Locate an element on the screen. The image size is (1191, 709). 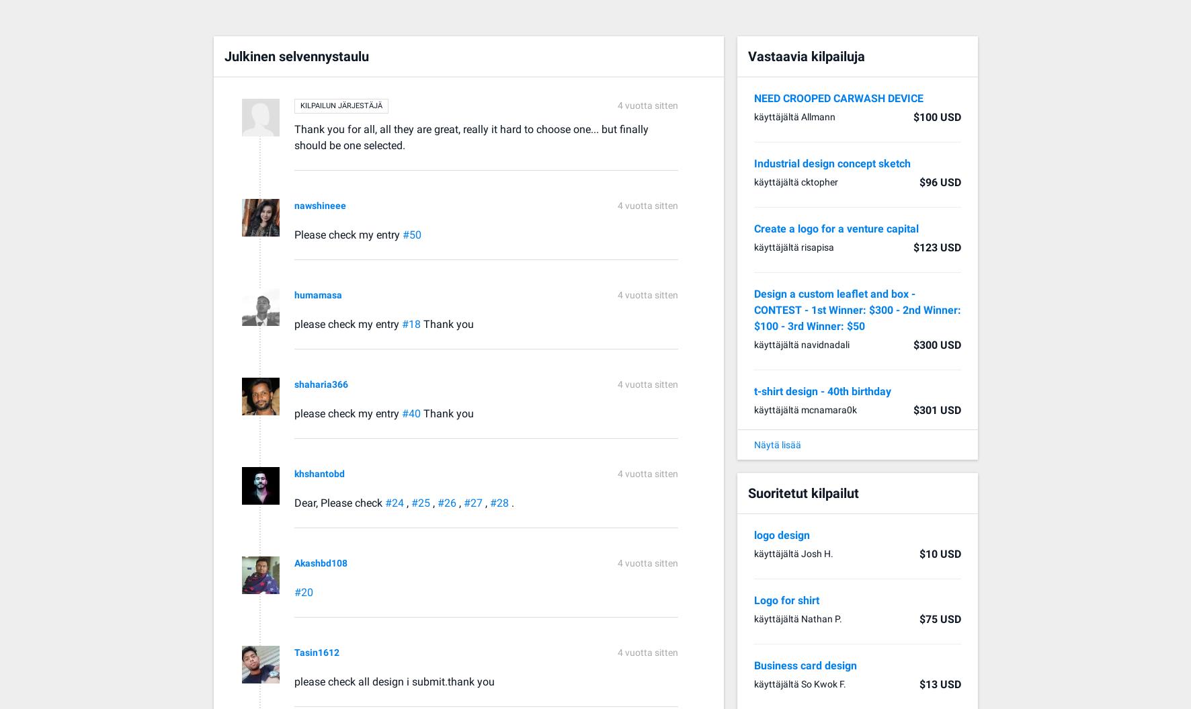
'käyttäjältä So Kwok F.' is located at coordinates (798, 683).